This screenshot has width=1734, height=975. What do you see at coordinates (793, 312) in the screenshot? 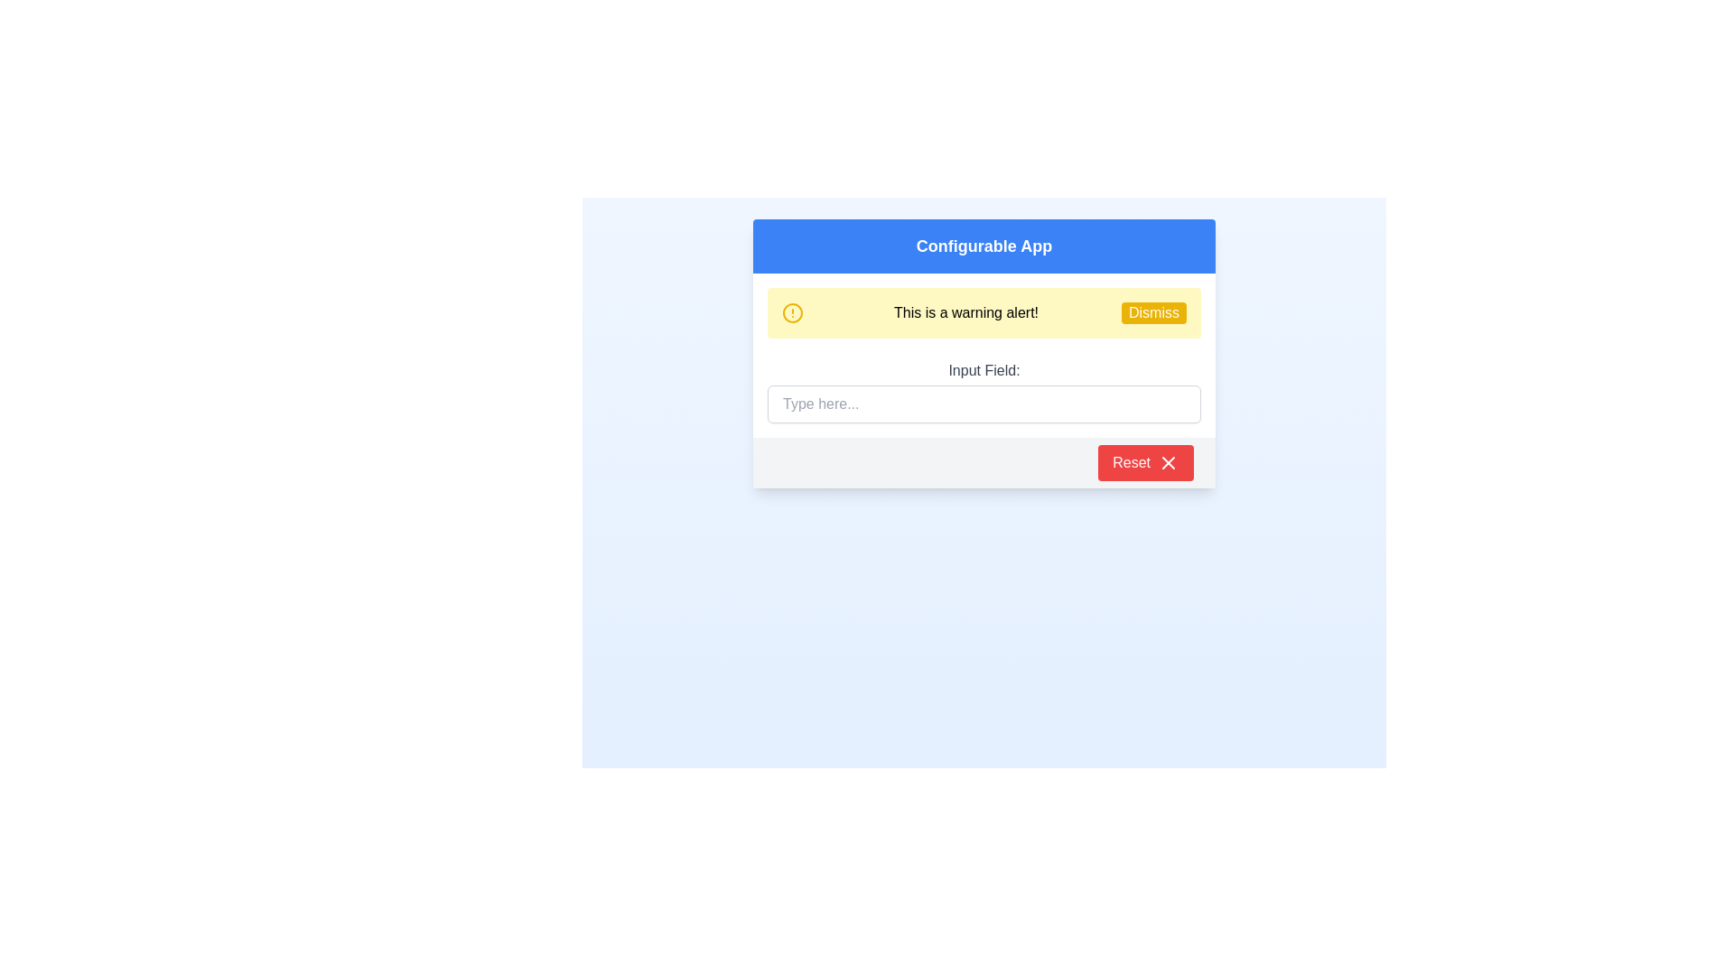
I see `the alert icon indicating a warning status, which is positioned at the leftmost side of the alert banner, preceding the text 'This is a warning alert!'` at bounding box center [793, 312].